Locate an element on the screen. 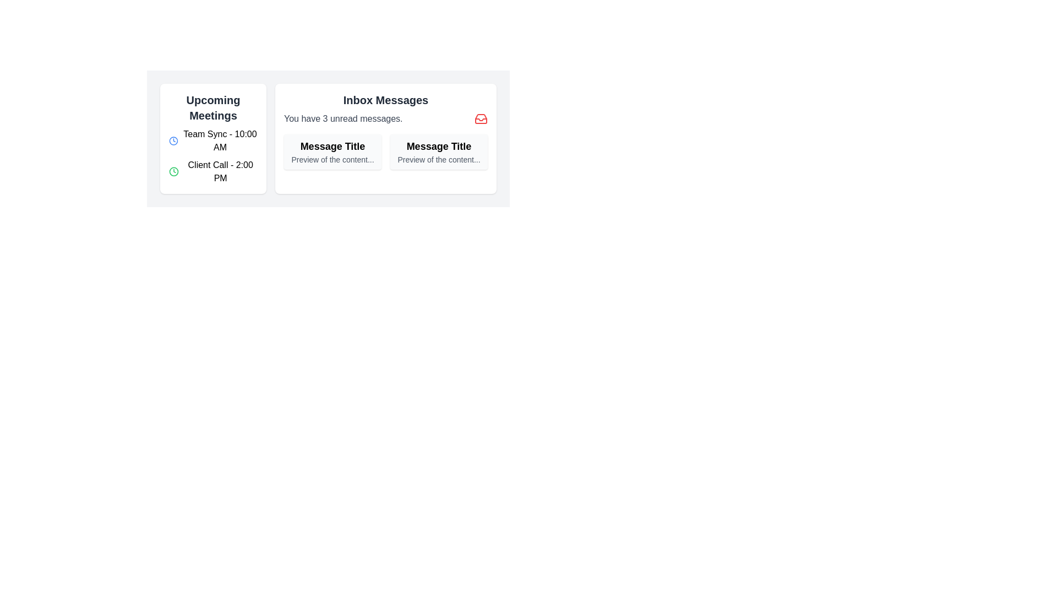 Image resolution: width=1057 pixels, height=595 pixels. the text label displaying 'Team Sync - 10:00 AM', which is the first meeting item under the 'Upcoming Meetings' section in the left-most panel is located at coordinates (220, 140).